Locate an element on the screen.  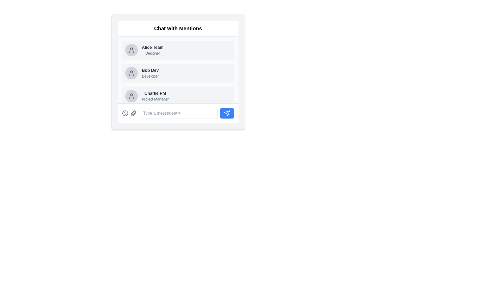
the label displaying the user's name, which is the second item in the contacts list, located between 'Alice Team' and 'Charlie PM' is located at coordinates (150, 70).